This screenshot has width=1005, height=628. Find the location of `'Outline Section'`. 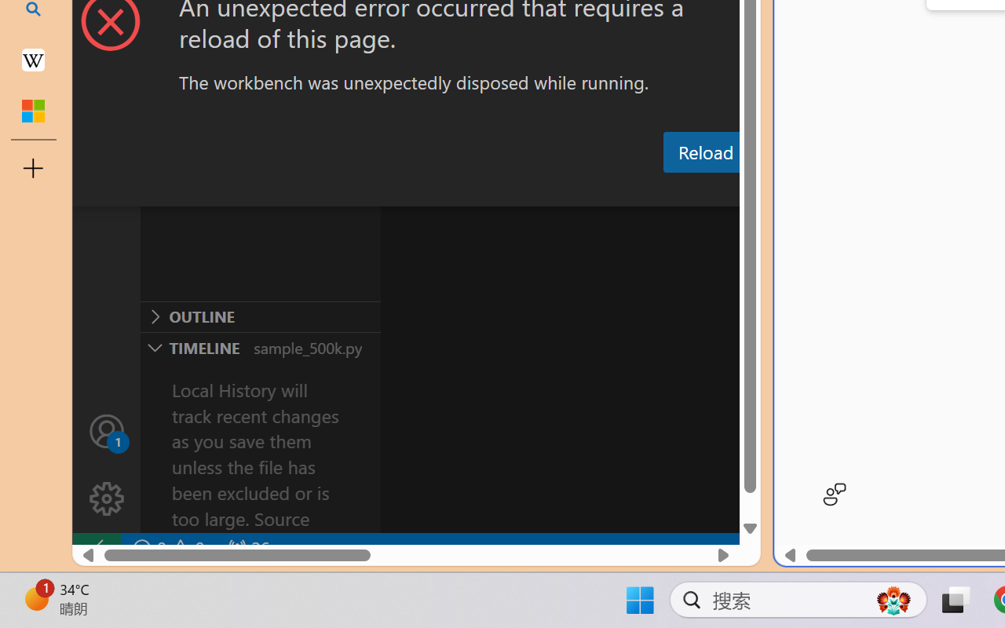

'Outline Section' is located at coordinates (260, 316).